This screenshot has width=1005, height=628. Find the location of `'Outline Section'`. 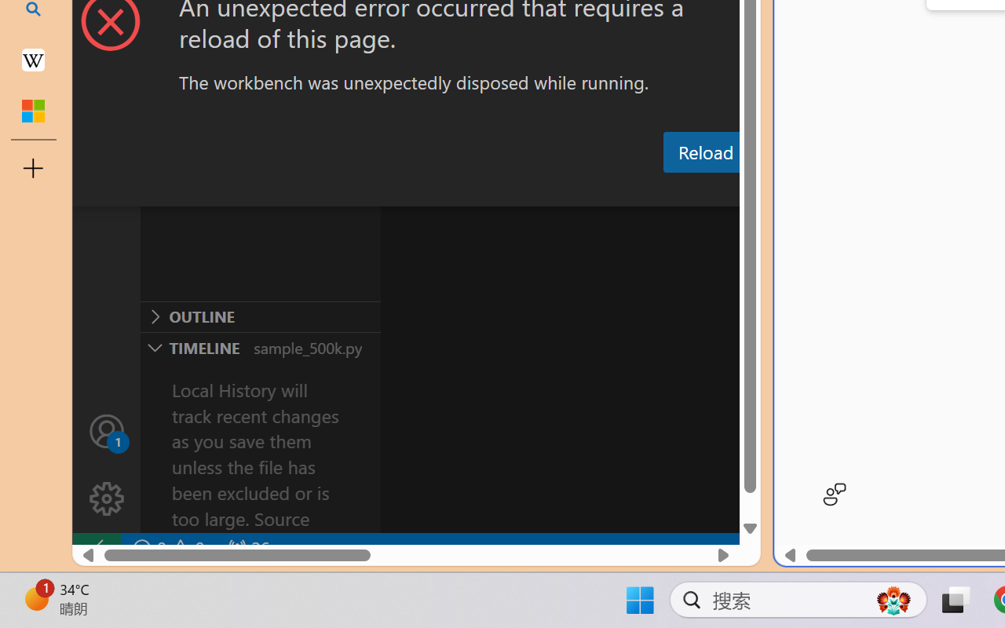

'Outline Section' is located at coordinates (260, 316).